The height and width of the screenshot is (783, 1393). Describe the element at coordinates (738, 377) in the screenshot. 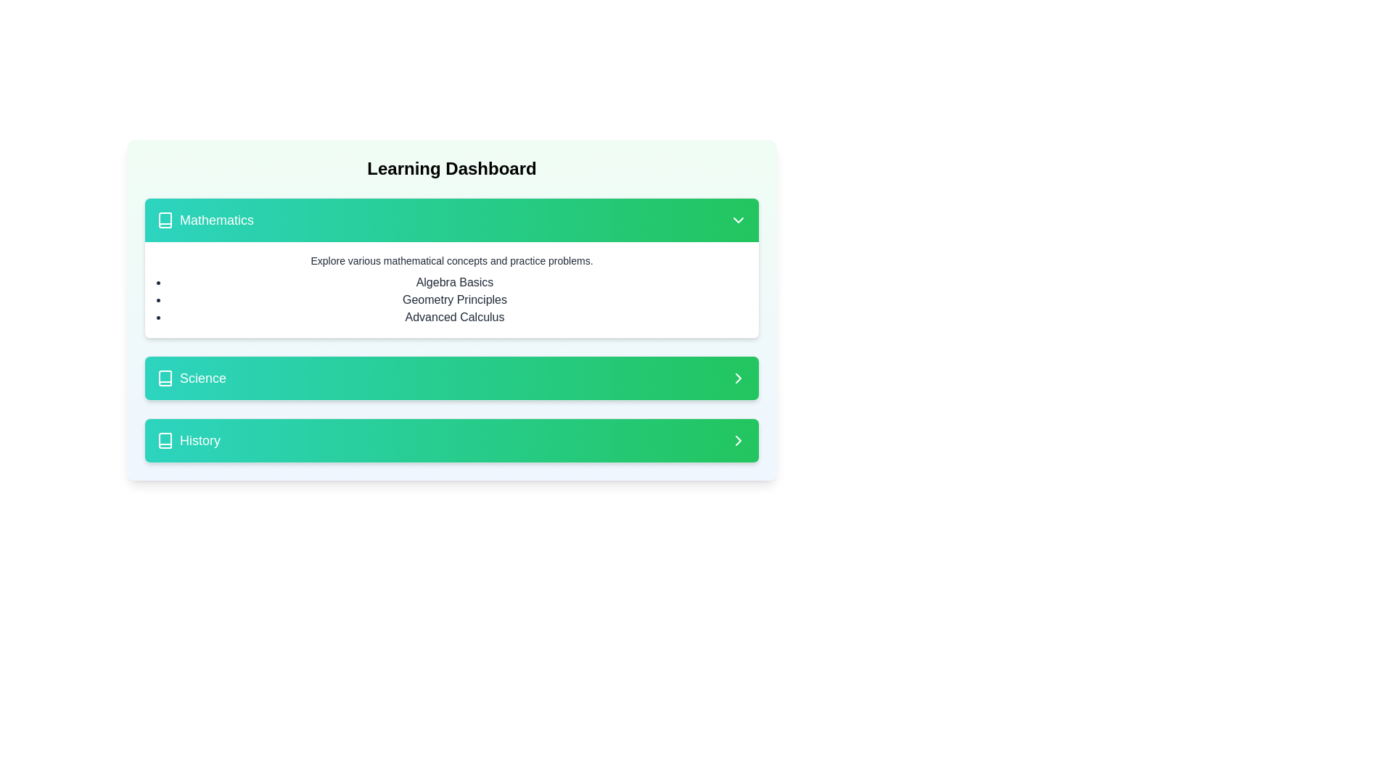

I see `the navigational chevron icon located at the far-right end of the 'Science' section` at that location.